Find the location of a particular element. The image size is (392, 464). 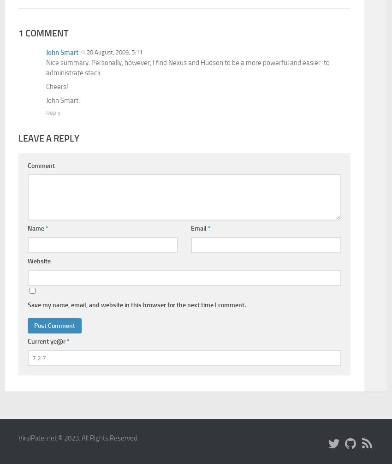

'You may also like...' is located at coordinates (31, 211).